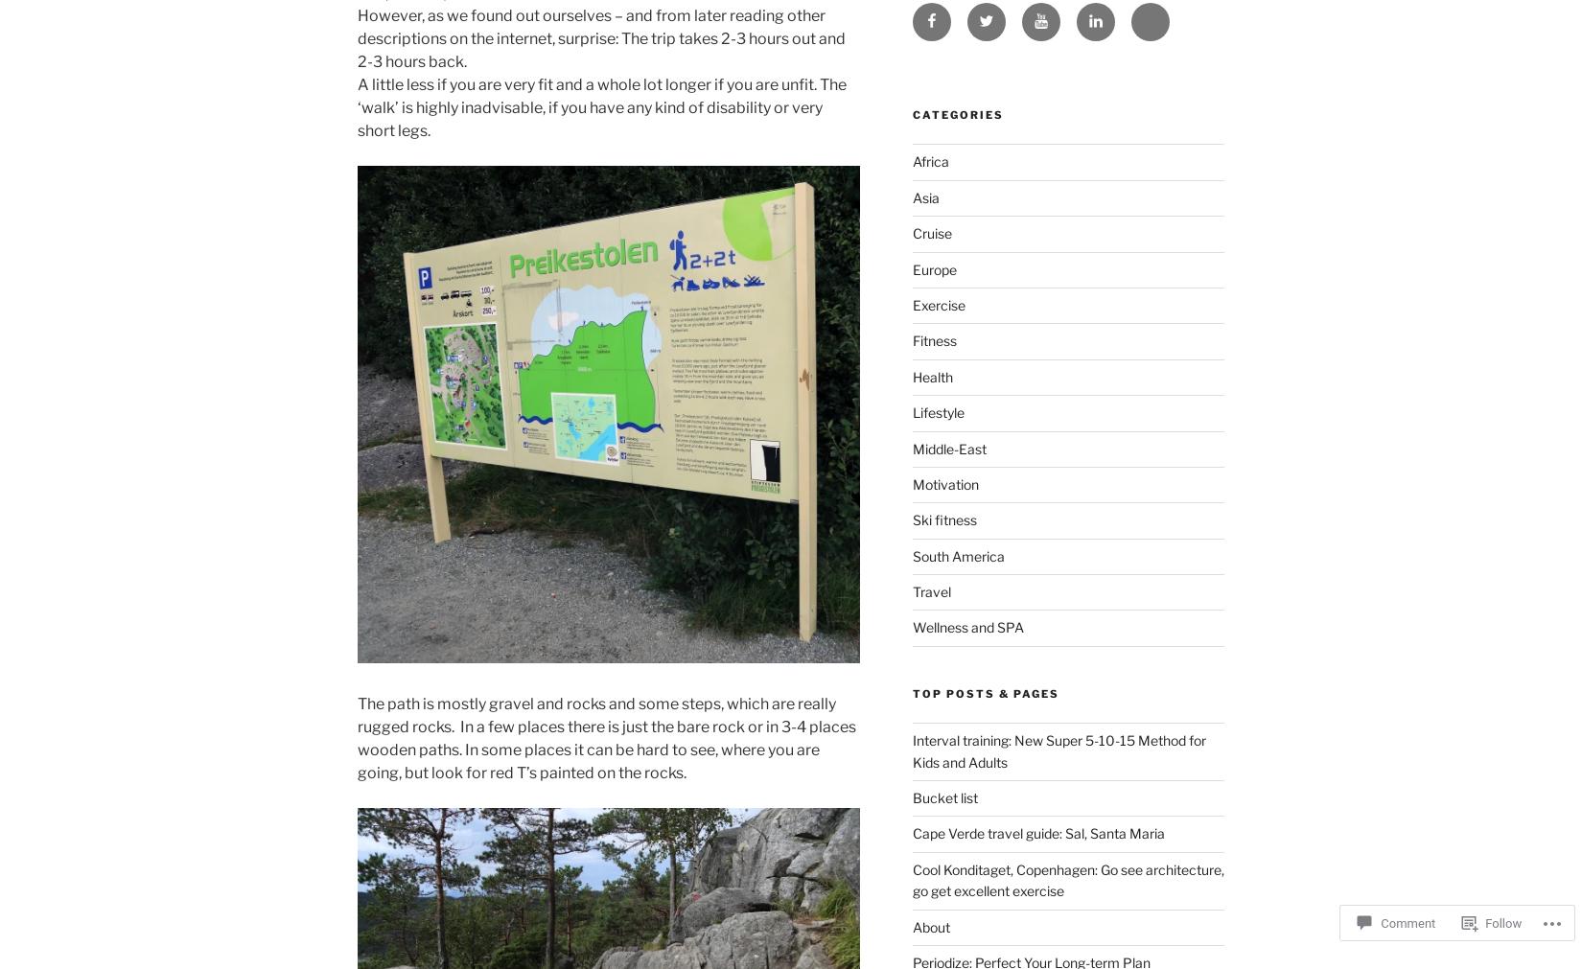  Describe the element at coordinates (1502, 921) in the screenshot. I see `'Follow'` at that location.